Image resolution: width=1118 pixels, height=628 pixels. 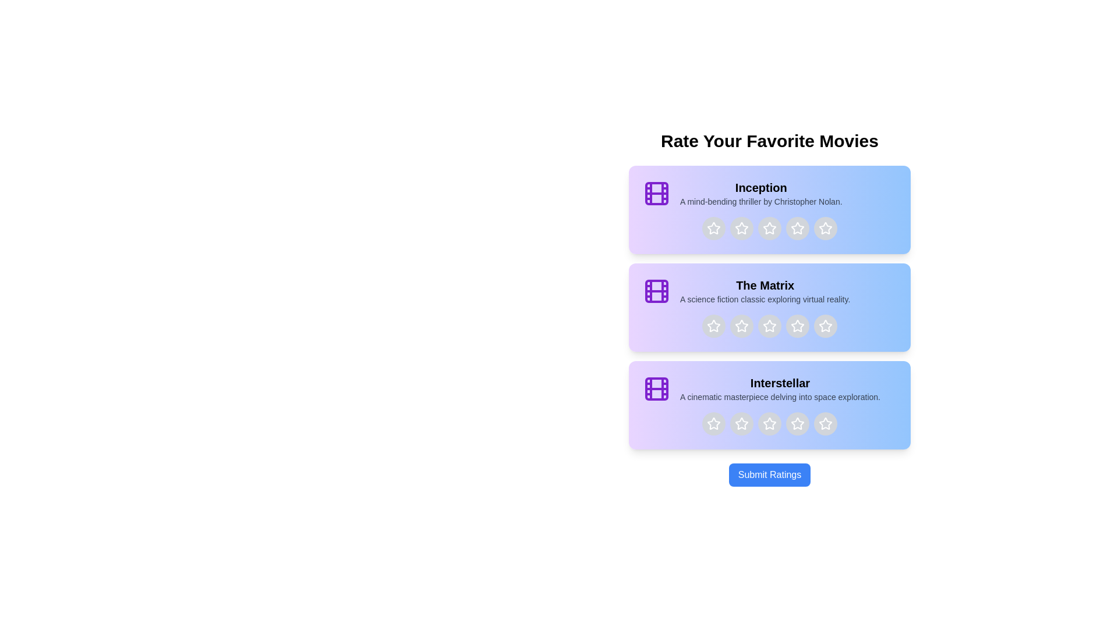 What do you see at coordinates (769, 326) in the screenshot?
I see `the star corresponding to 3 stars for the movie titled The Matrix` at bounding box center [769, 326].